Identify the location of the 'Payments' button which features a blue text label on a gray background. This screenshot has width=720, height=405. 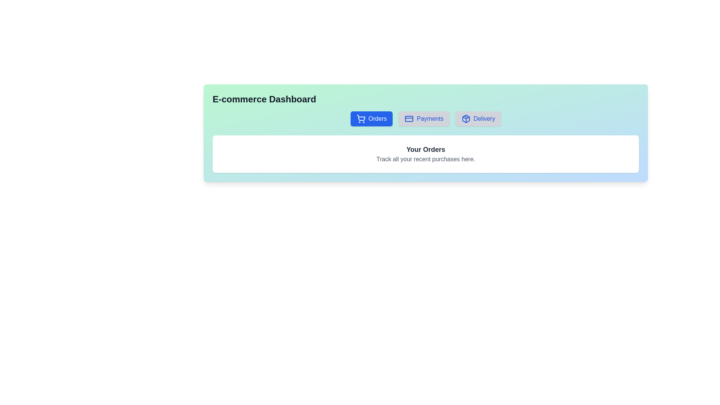
(430, 118).